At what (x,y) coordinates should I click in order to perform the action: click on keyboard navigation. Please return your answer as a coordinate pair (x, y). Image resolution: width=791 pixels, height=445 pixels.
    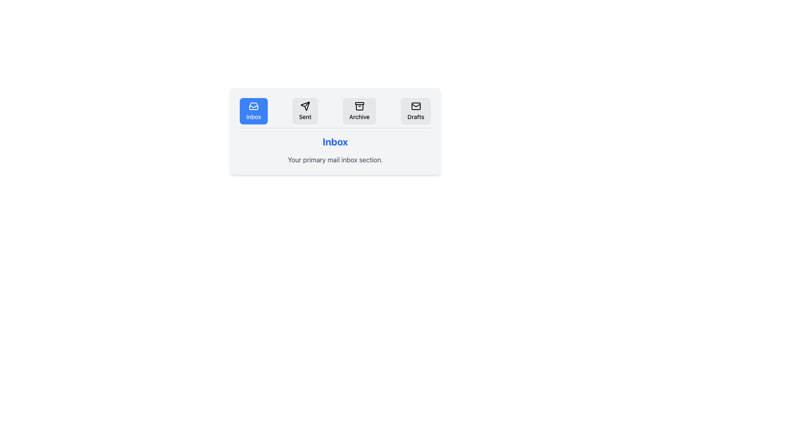
    Looking at the image, I should click on (335, 113).